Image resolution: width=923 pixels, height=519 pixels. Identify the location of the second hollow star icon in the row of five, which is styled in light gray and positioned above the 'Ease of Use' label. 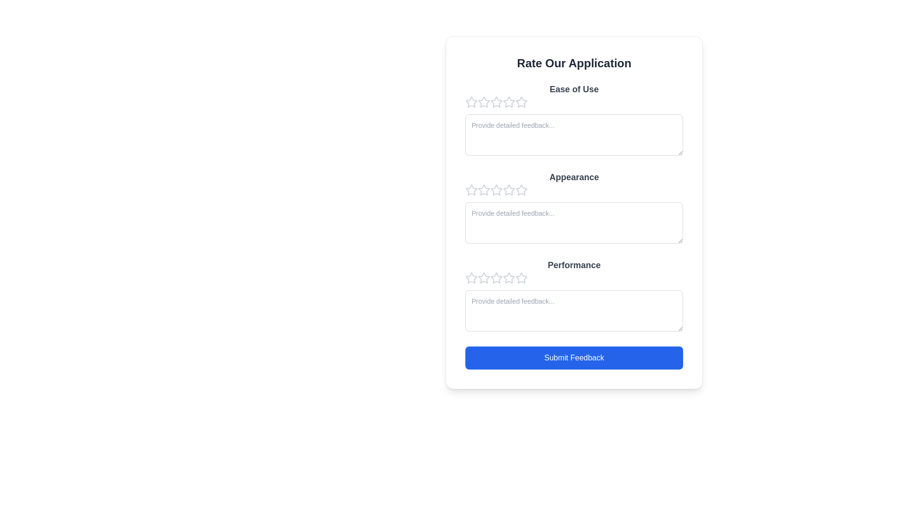
(484, 102).